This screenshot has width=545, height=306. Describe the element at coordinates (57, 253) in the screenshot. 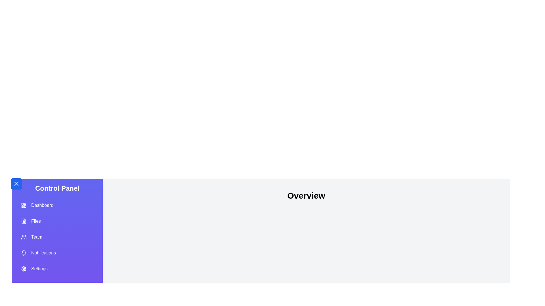

I see `the menu item labeled Notifications from the list` at that location.